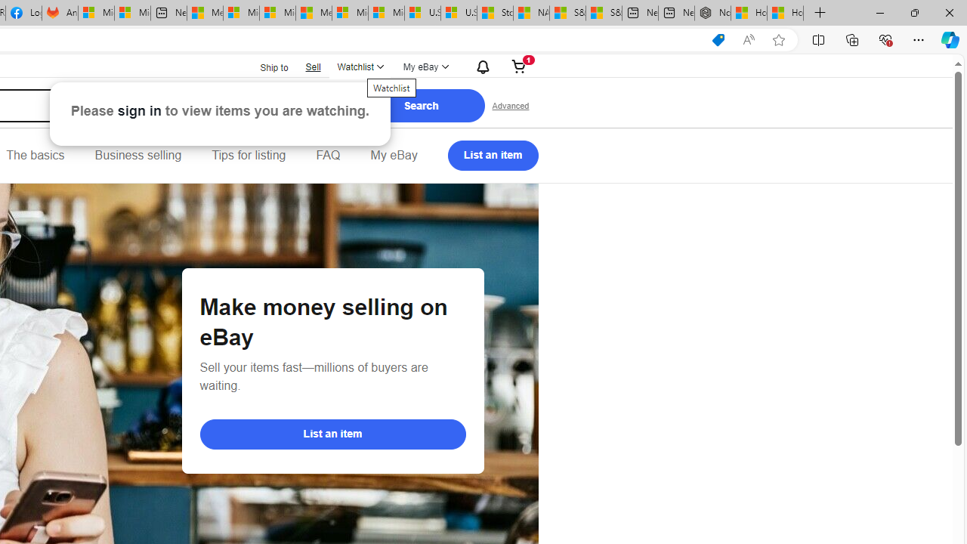 Image resolution: width=967 pixels, height=544 pixels. What do you see at coordinates (424, 66) in the screenshot?
I see `'My eBayExpand My eBay'` at bounding box center [424, 66].